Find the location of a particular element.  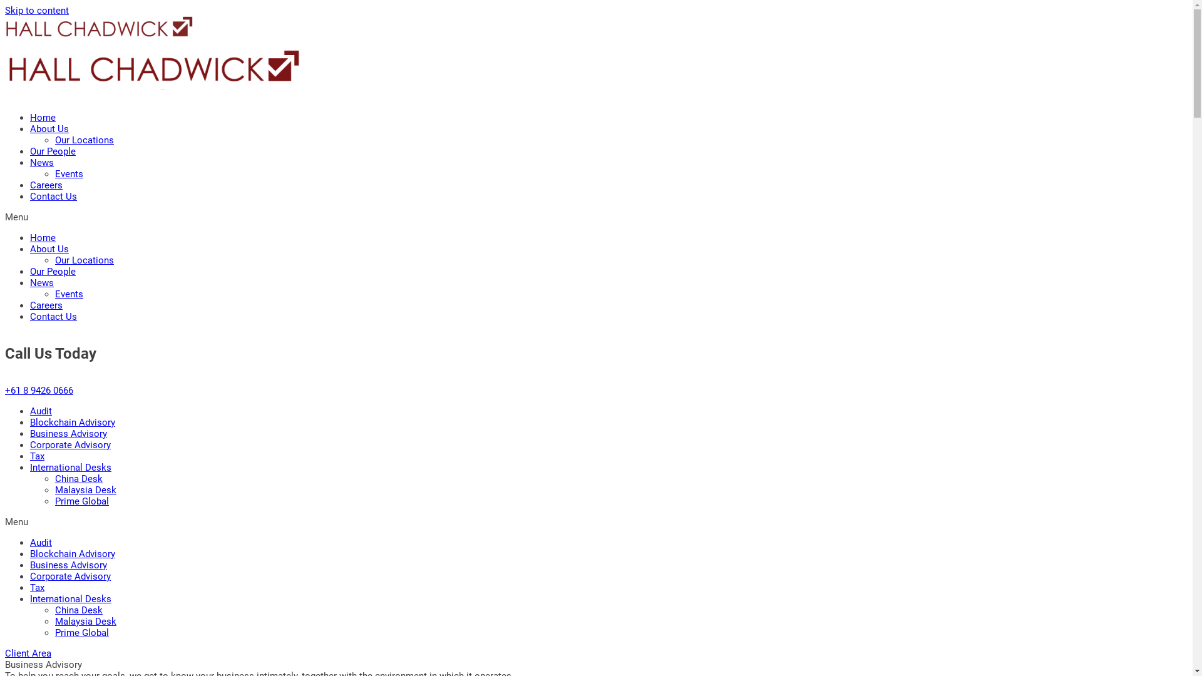

'Our Locations' is located at coordinates (83, 140).